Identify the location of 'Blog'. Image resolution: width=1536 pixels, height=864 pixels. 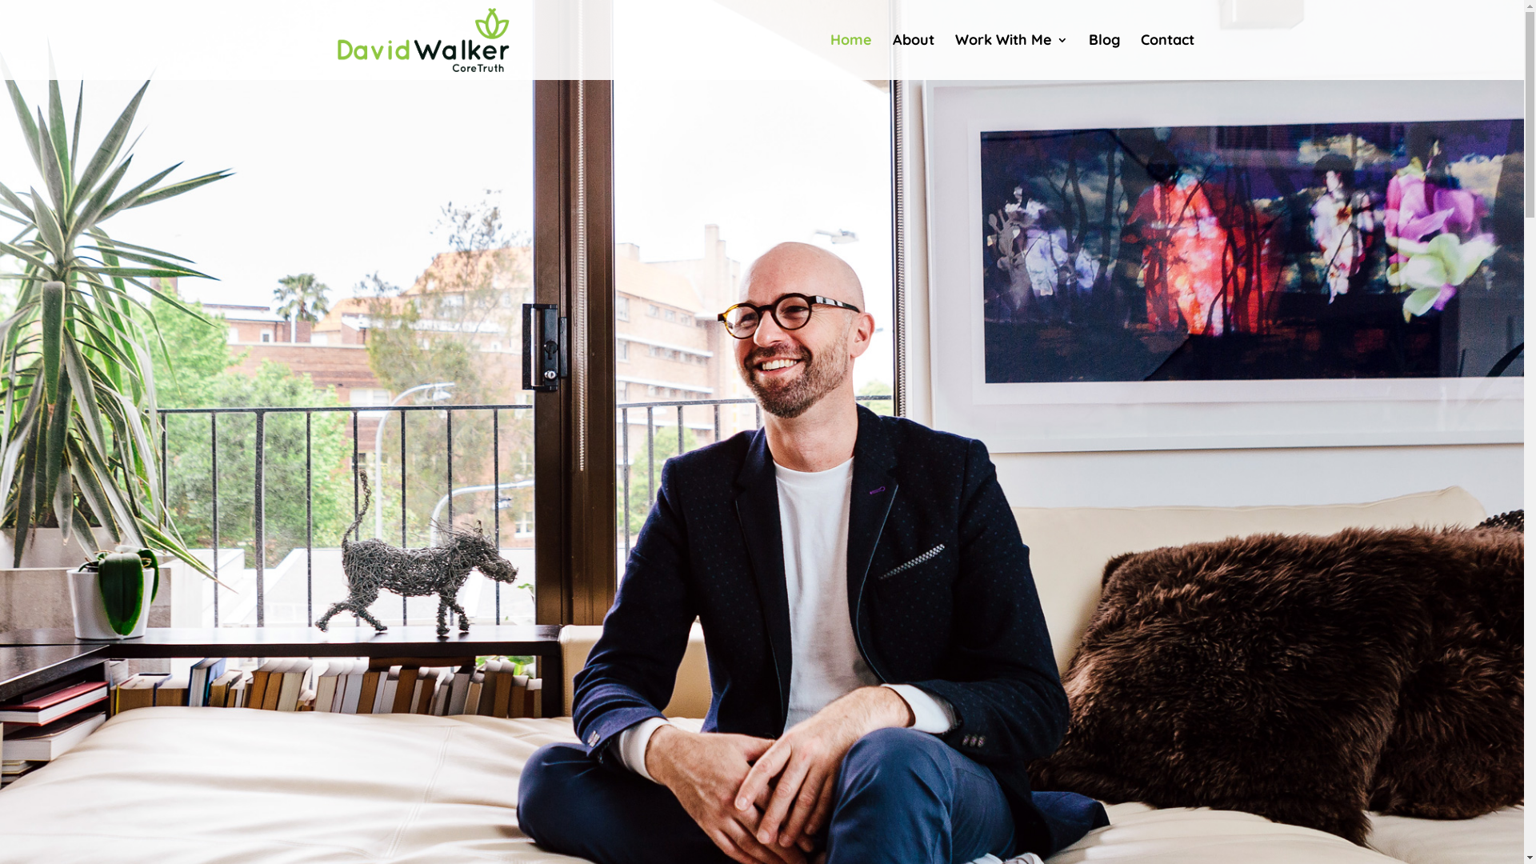
(1102, 56).